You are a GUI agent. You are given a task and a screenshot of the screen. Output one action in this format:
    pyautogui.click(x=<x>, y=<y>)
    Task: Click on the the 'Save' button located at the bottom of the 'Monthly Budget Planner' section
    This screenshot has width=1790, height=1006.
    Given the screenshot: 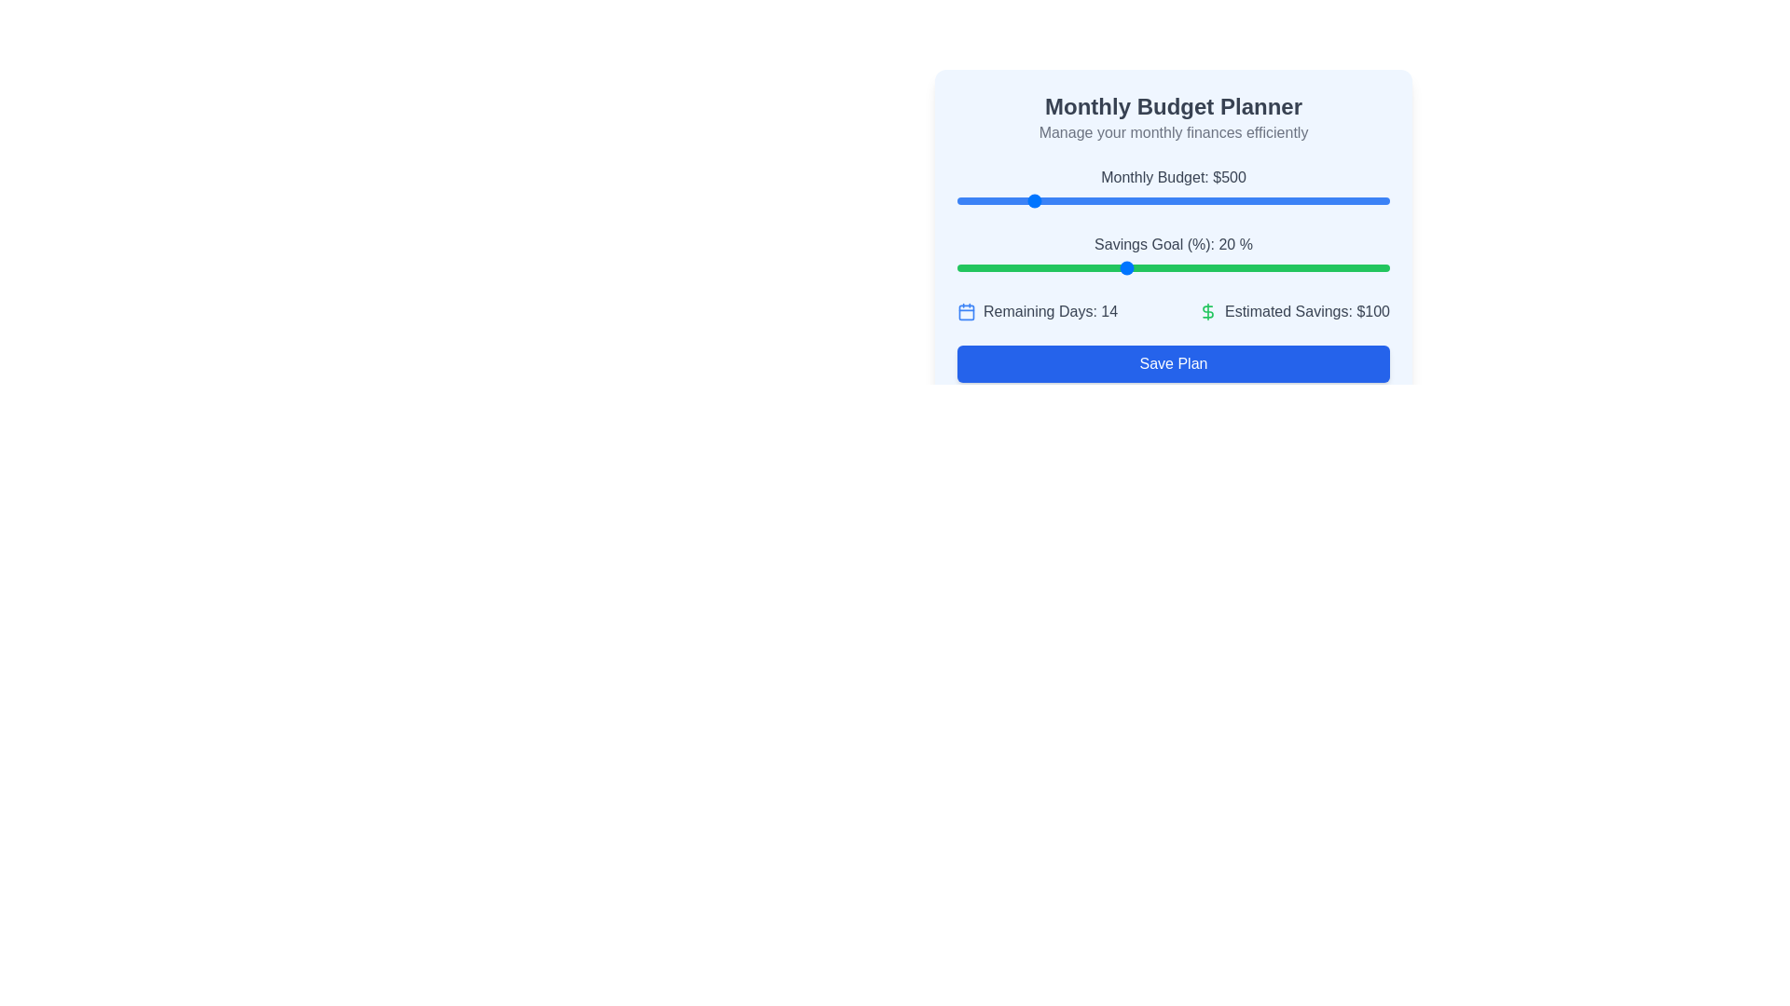 What is the action you would take?
    pyautogui.click(x=1172, y=363)
    